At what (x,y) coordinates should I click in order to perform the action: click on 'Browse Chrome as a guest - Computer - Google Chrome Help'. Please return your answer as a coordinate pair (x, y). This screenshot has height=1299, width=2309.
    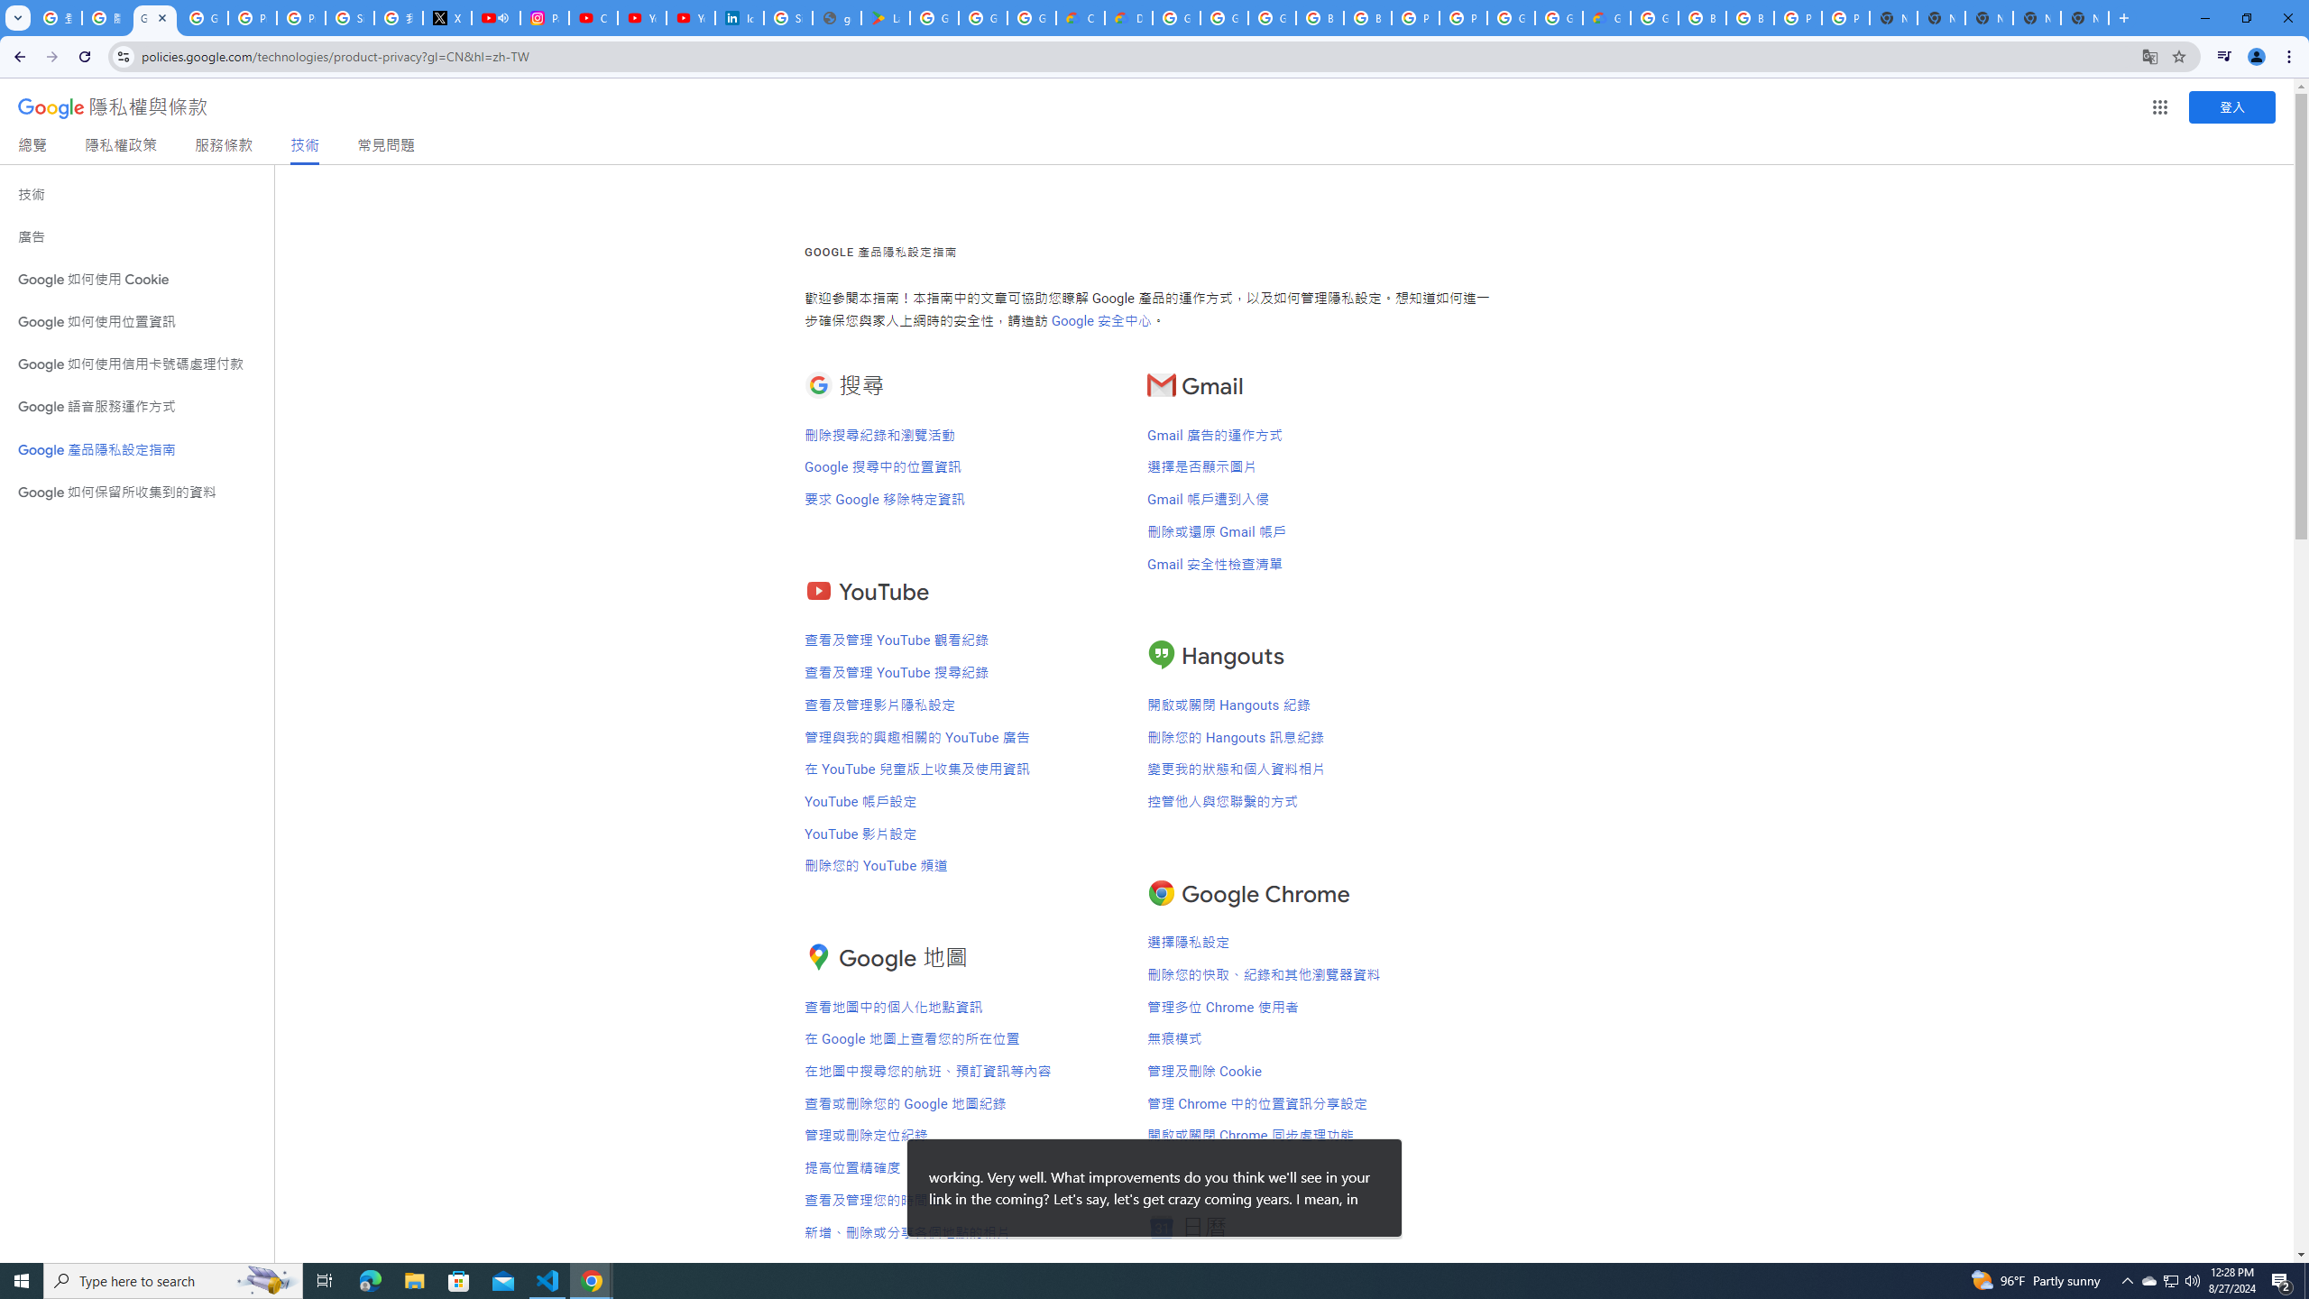
    Looking at the image, I should click on (1367, 17).